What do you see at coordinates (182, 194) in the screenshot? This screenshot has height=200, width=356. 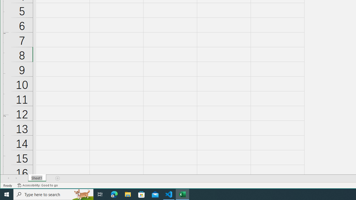 I see `'Excel - 1 running window'` at bounding box center [182, 194].